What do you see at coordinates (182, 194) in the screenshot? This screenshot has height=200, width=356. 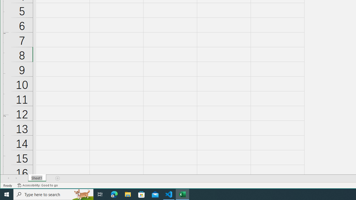 I see `'Excel - 1 running window'` at bounding box center [182, 194].